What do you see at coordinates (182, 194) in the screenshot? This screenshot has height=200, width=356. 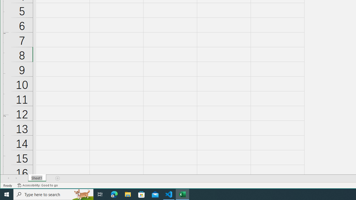 I see `'Excel - 1 running window'` at bounding box center [182, 194].